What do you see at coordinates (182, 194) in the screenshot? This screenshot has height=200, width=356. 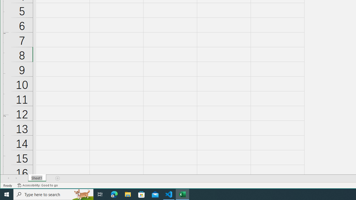 I see `'Excel - 1 running window'` at bounding box center [182, 194].